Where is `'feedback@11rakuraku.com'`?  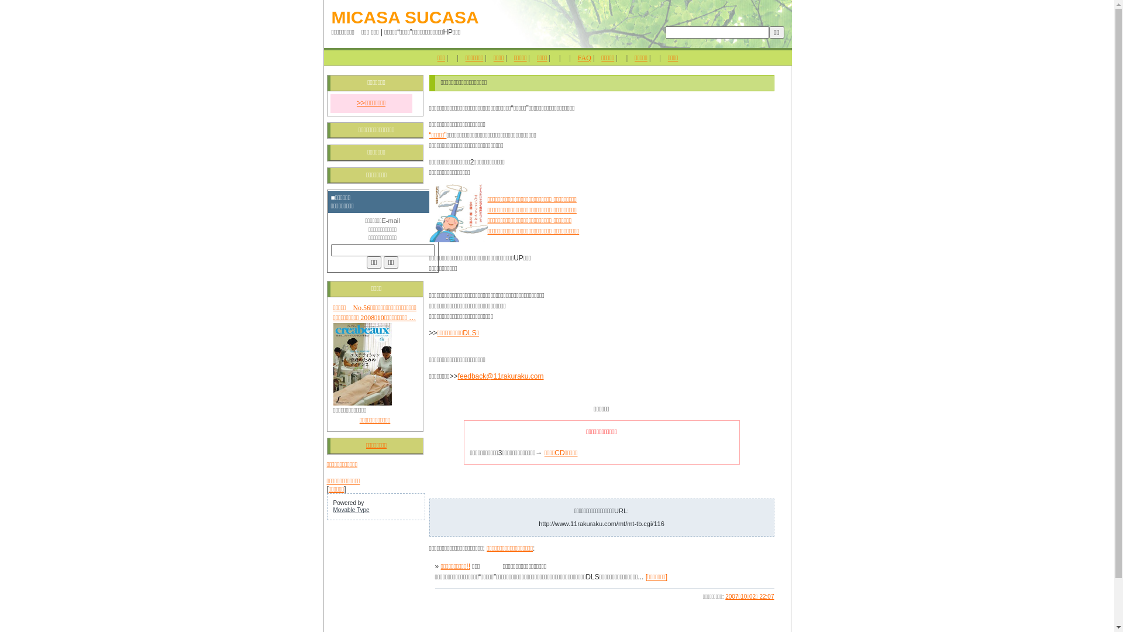
'feedback@11rakuraku.com' is located at coordinates (501, 376).